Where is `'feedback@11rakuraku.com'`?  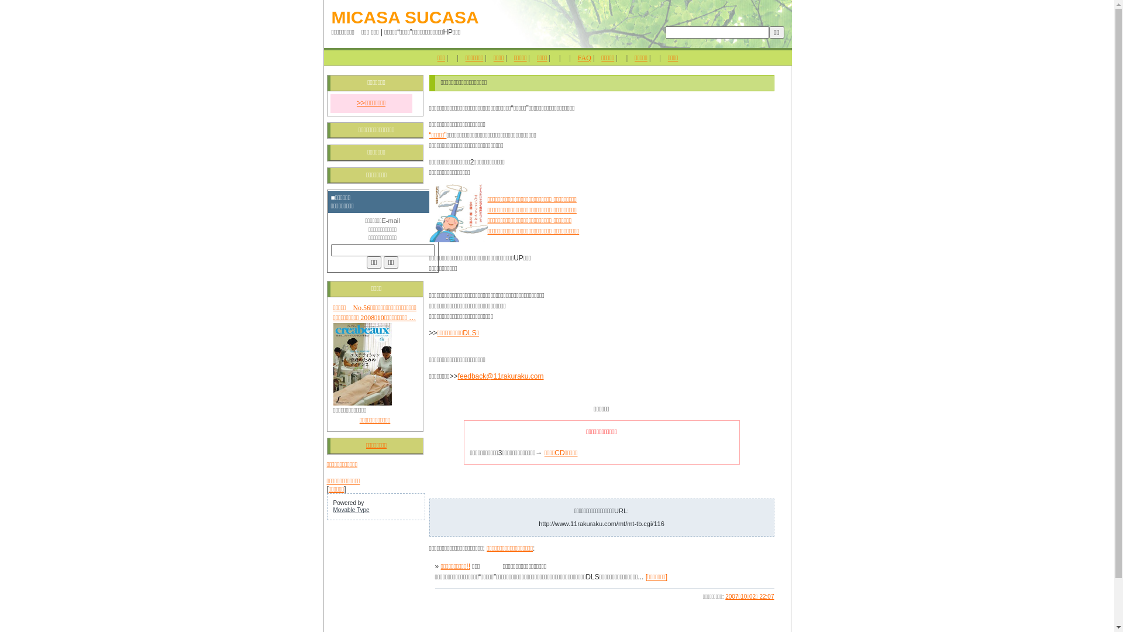
'feedback@11rakuraku.com' is located at coordinates (501, 376).